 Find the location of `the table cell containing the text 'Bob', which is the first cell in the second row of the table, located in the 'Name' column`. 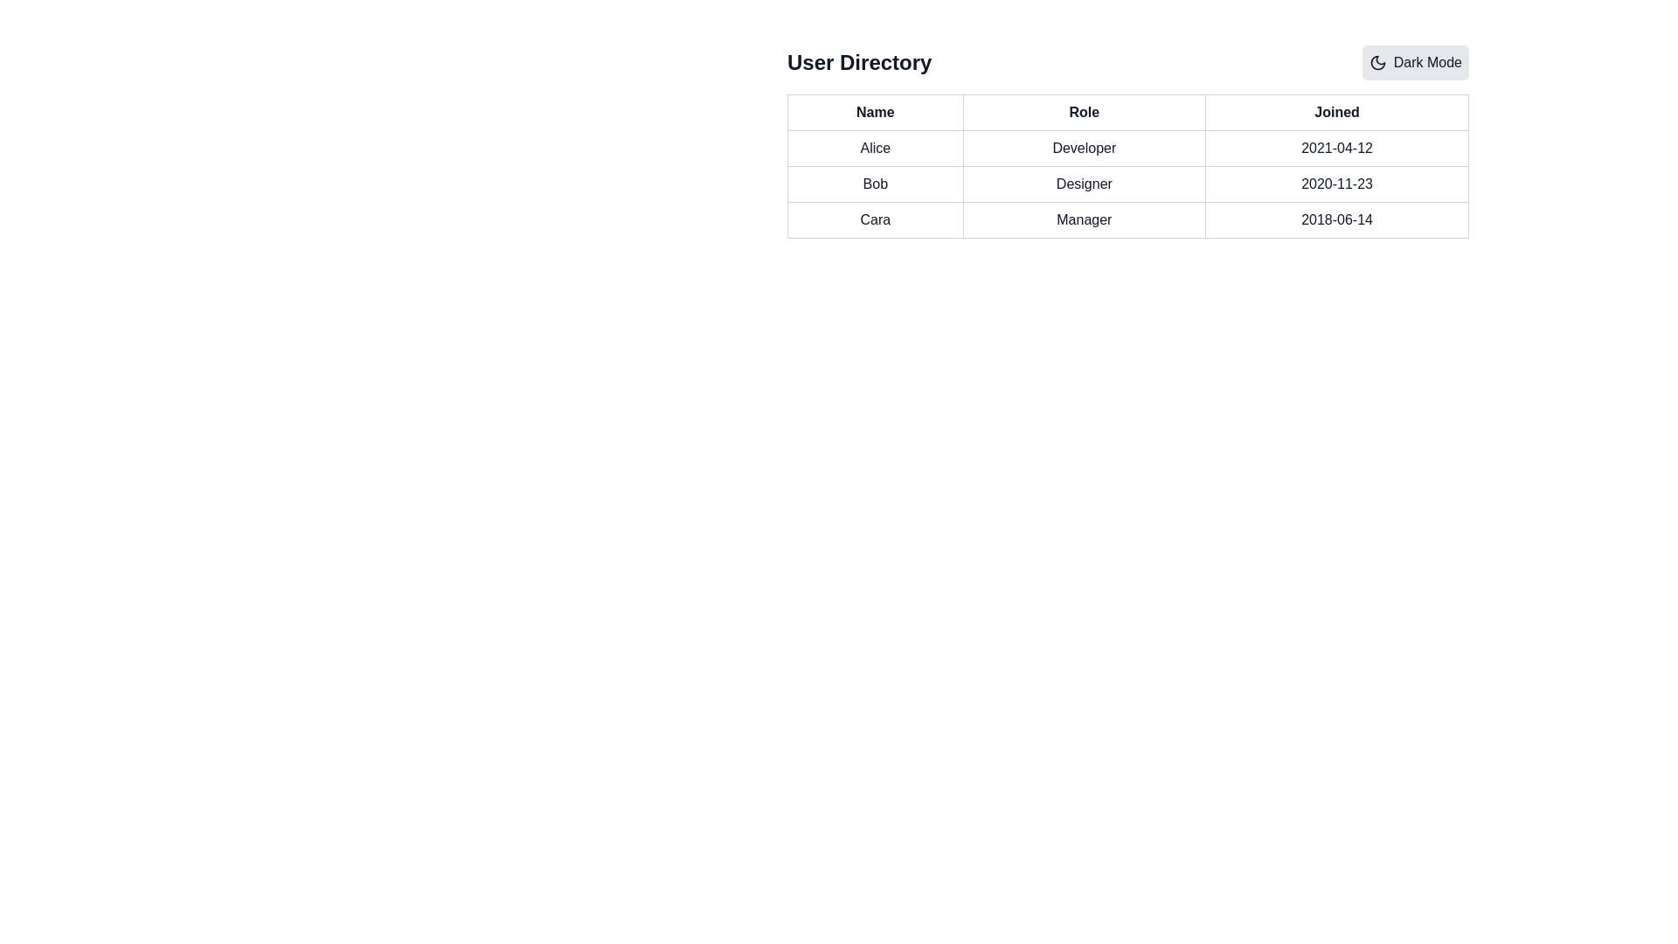

the table cell containing the text 'Bob', which is the first cell in the second row of the table, located in the 'Name' column is located at coordinates (875, 184).